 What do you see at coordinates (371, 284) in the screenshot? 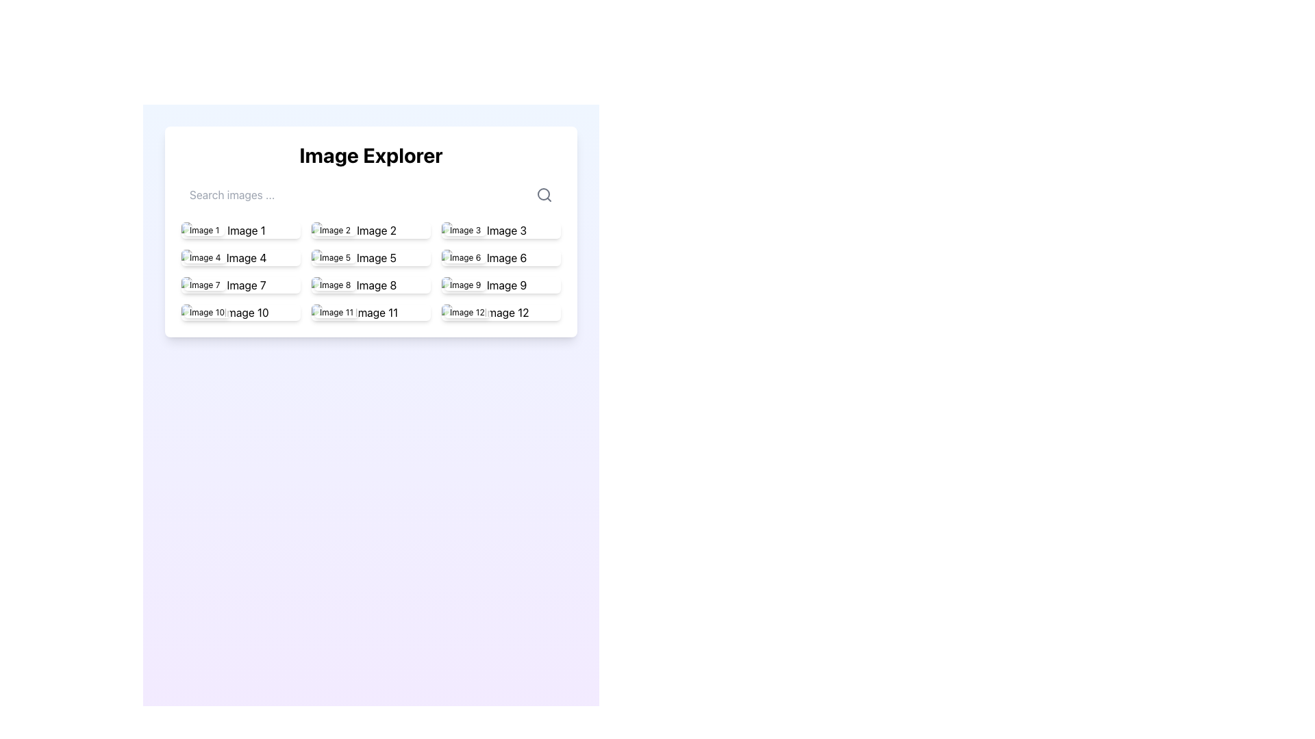
I see `the Thumbnail with label displaying 'Image 8' located in the third row and second column of the grid` at bounding box center [371, 284].